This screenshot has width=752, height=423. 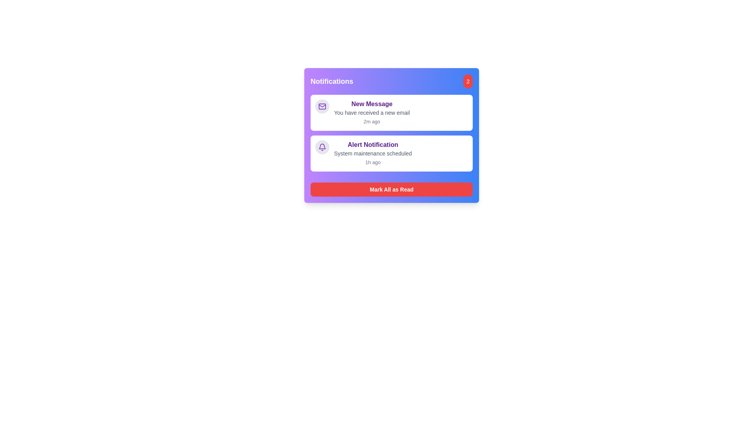 I want to click on the notification alert icon located on the left side of the text 'Alert Notification System maintenance scheduled 1h ago', so click(x=322, y=147).